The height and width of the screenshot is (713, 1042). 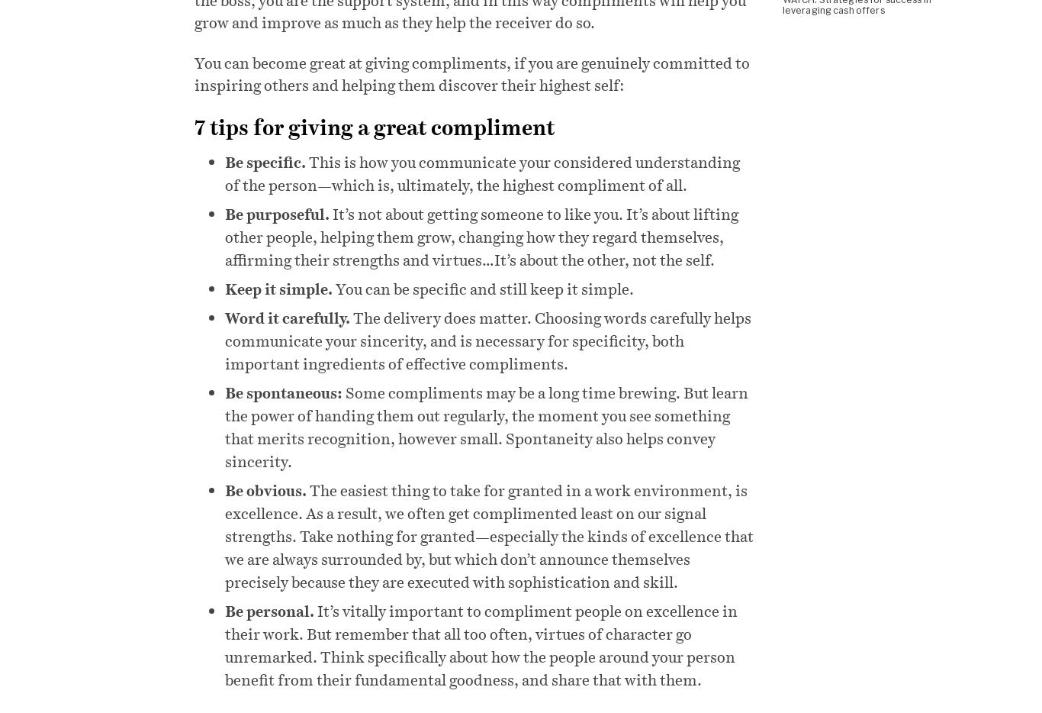 What do you see at coordinates (282, 391) in the screenshot?
I see `'Be spontaneous:'` at bounding box center [282, 391].